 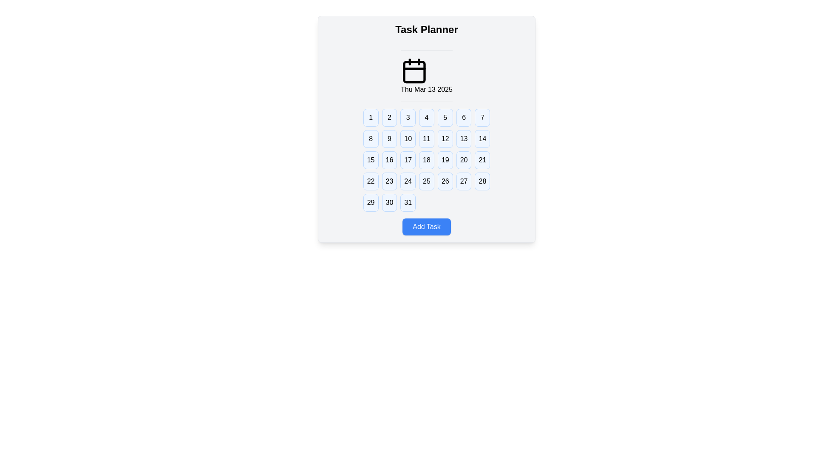 What do you see at coordinates (389, 203) in the screenshot?
I see `the Calendar Date Item representing the 30th day in the calendar view` at bounding box center [389, 203].